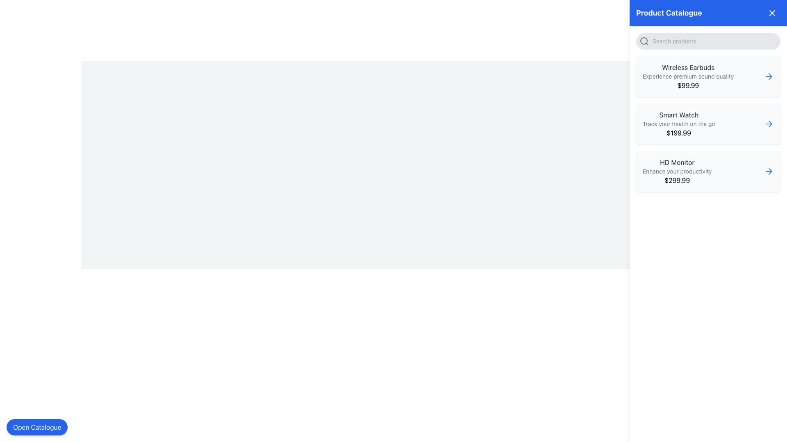  What do you see at coordinates (679, 124) in the screenshot?
I see `text block displaying product information, which includes the title 'Smart Watch', the description 'Track your health on the go', and the price '$199.99'. This text block is the second entry in the product list on the right-hand side panel` at bounding box center [679, 124].